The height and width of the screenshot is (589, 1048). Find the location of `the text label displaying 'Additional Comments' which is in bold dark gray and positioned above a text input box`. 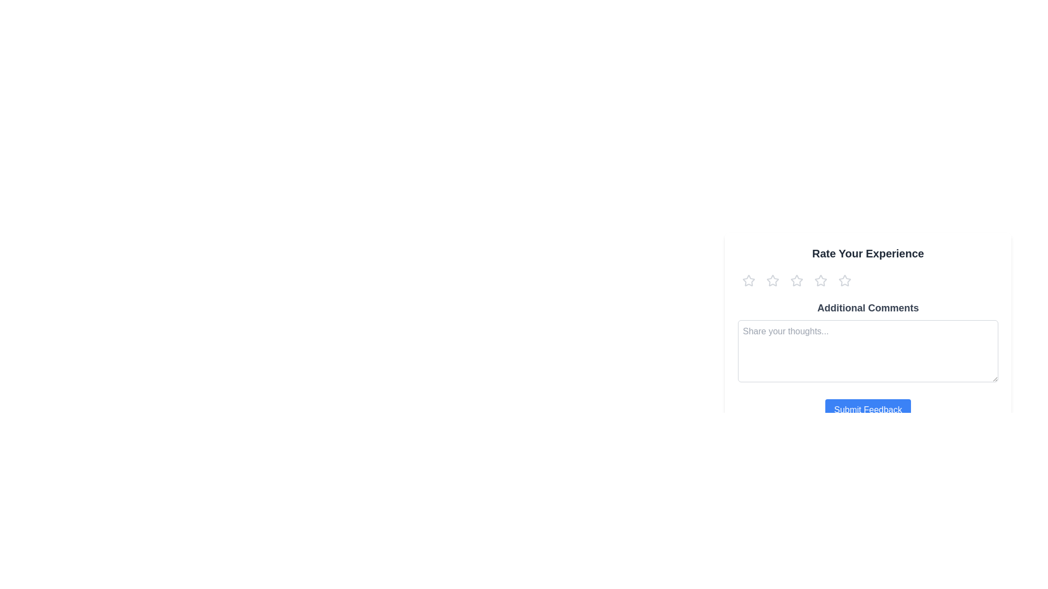

the text label displaying 'Additional Comments' which is in bold dark gray and positioned above a text input box is located at coordinates (867, 308).